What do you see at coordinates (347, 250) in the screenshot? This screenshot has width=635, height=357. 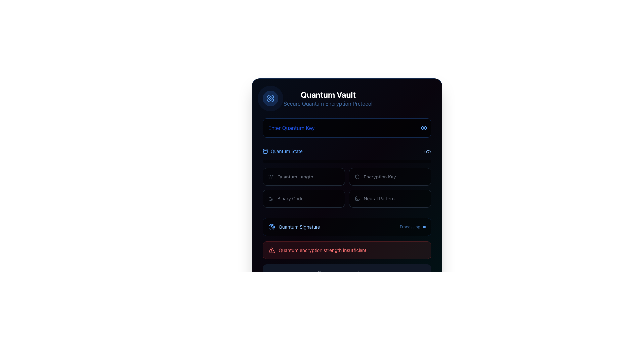 I see `warning message from the Notification box, which has a red background and displays the text 'Quantum encryption strength insufficient'` at bounding box center [347, 250].